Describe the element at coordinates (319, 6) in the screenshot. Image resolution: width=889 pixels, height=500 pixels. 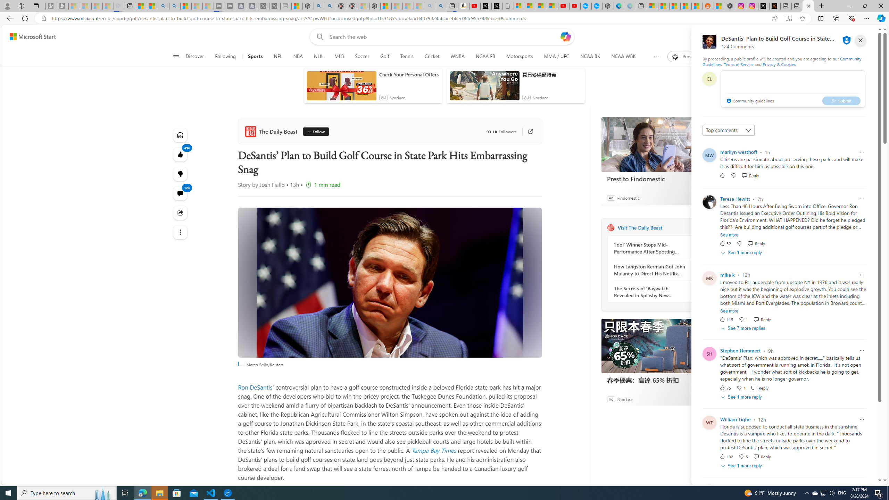
I see `'poe - Search'` at that location.